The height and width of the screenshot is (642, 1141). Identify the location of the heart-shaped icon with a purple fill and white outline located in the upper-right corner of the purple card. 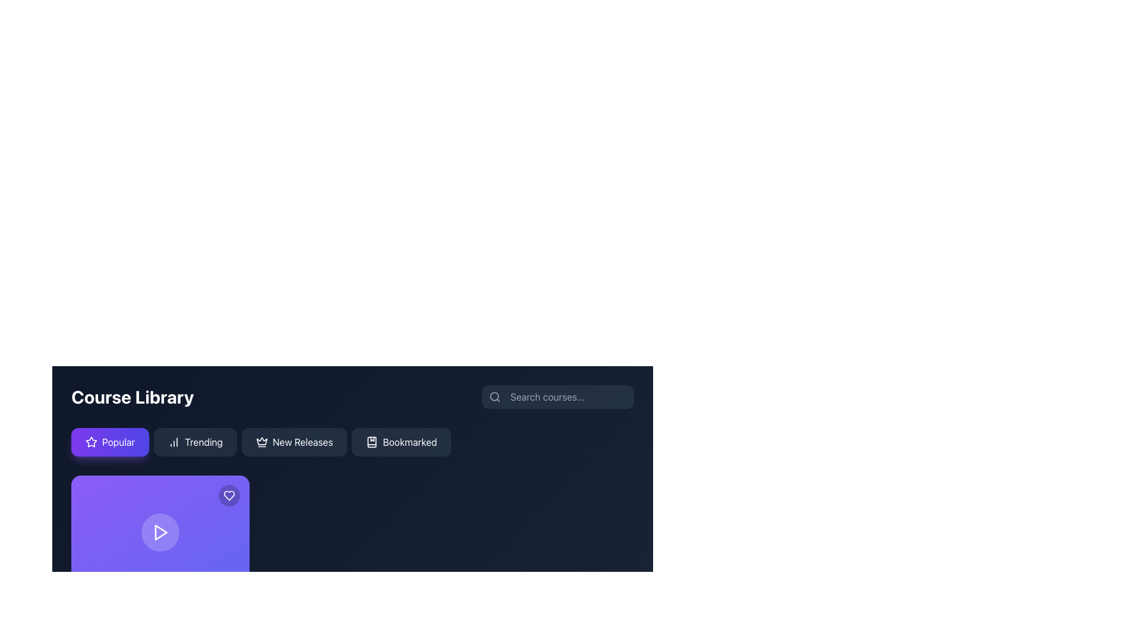
(229, 495).